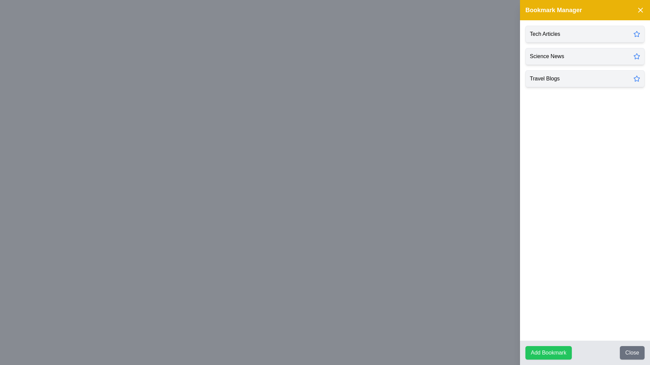 This screenshot has height=365, width=650. What do you see at coordinates (640, 10) in the screenshot?
I see `the red 'X' close button located in the top-right corner of the yellow header labeled 'Bookmark Manager'` at bounding box center [640, 10].